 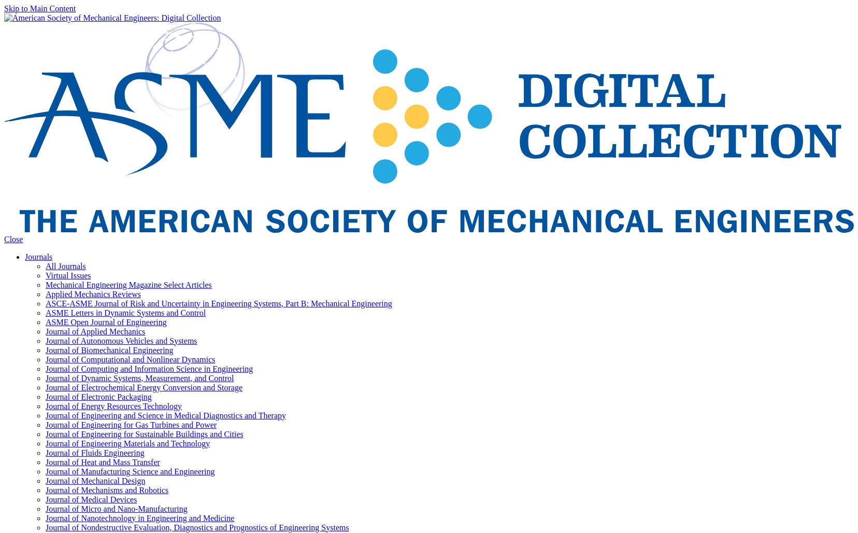 I want to click on 'Journal of Engineering Materials and Technology', so click(x=127, y=442).